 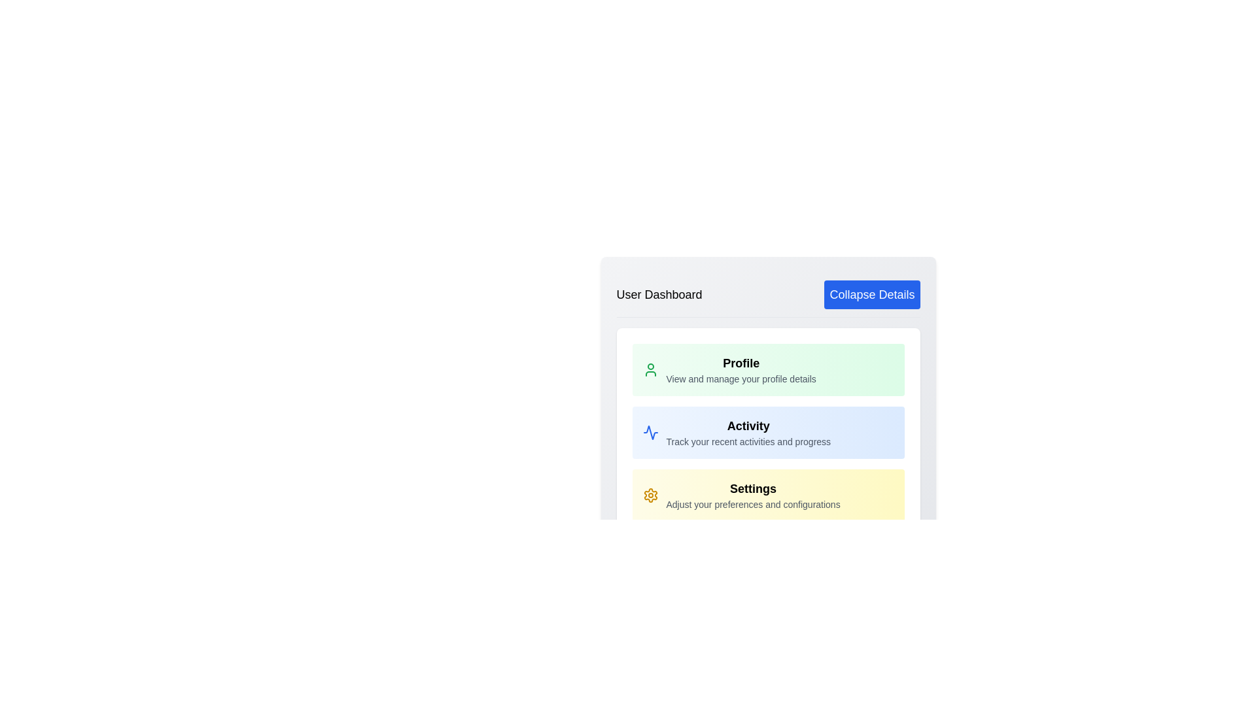 What do you see at coordinates (741, 370) in the screenshot?
I see `keyboard navigation` at bounding box center [741, 370].